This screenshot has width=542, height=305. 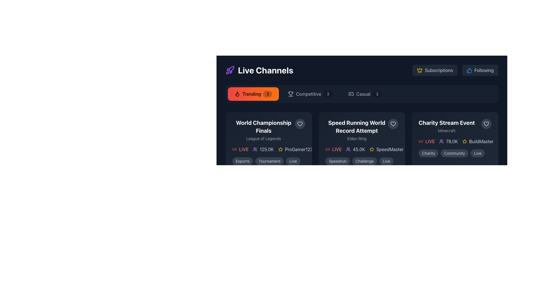 I want to click on the Card UI component displaying 'Charity Stream Event', which is the third card in the grid layout on the right side, so click(x=455, y=141).